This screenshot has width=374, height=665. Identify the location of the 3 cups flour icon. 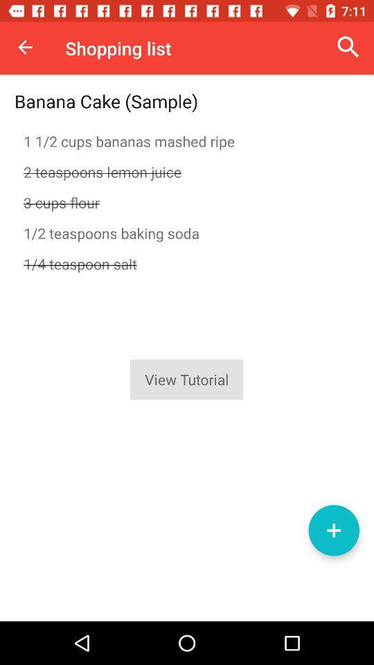
(187, 202).